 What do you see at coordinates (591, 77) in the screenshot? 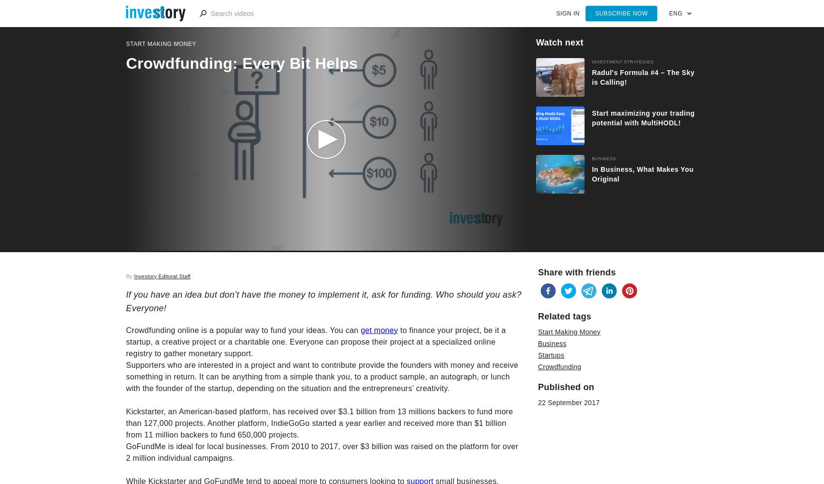
I see `'Radul's Formula #4 – The Sky is Calling!'` at bounding box center [591, 77].